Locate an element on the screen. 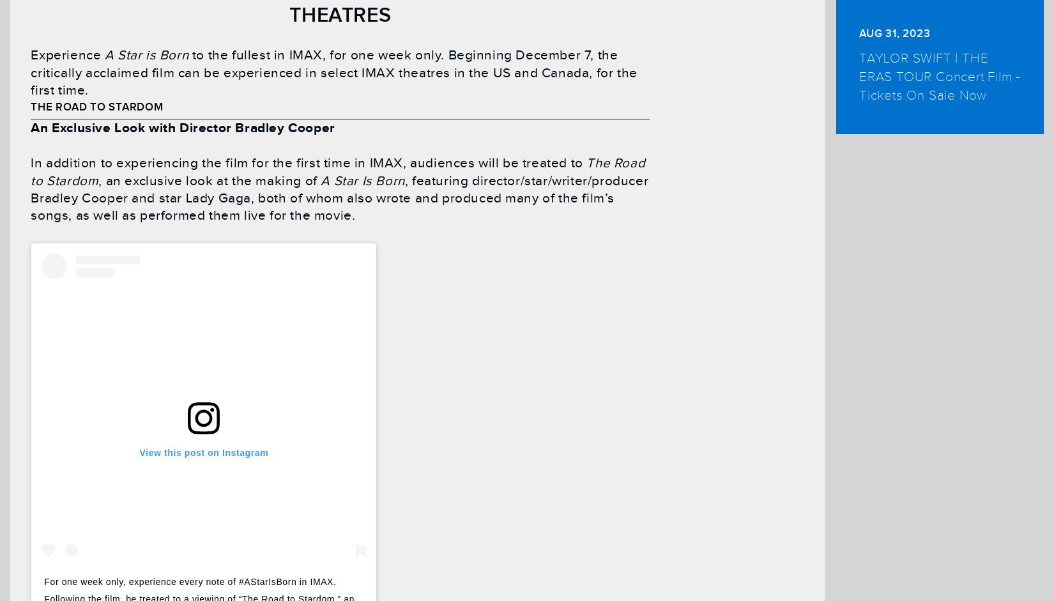 The height and width of the screenshot is (601, 1054). ', an exclusive look at the making of' is located at coordinates (210, 180).